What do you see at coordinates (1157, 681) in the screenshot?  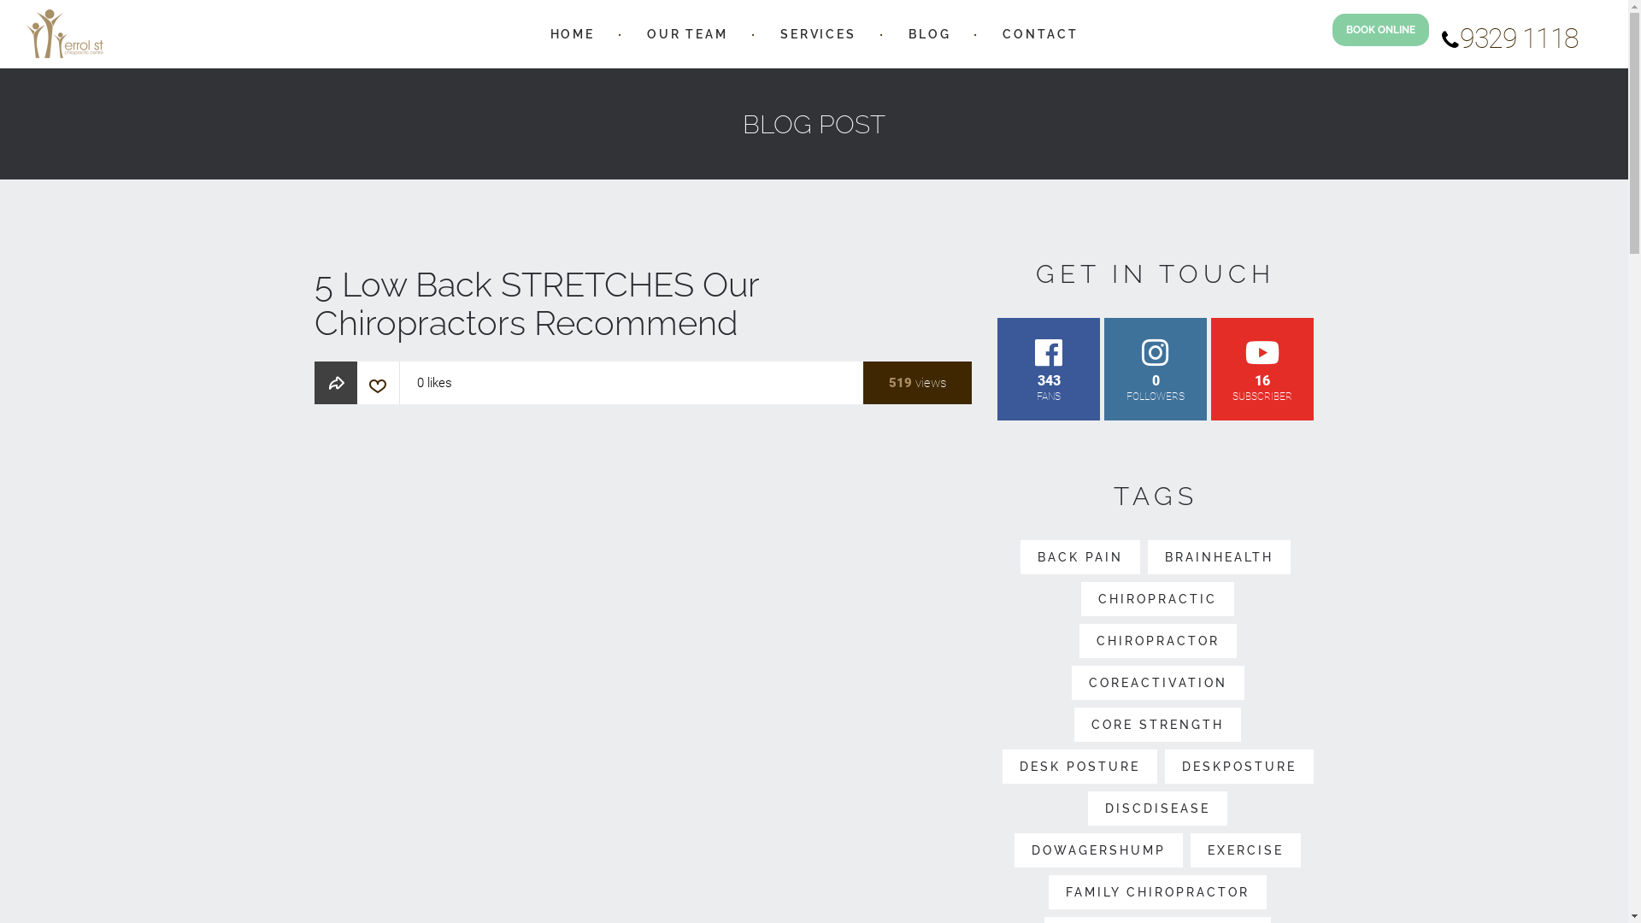 I see `'COREACTIVATION'` at bounding box center [1157, 681].